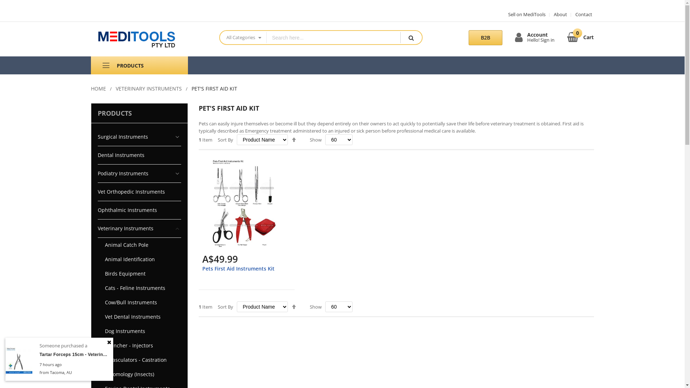 This screenshot has width=690, height=388. I want to click on 'Emasculators - Castration', so click(139, 360).